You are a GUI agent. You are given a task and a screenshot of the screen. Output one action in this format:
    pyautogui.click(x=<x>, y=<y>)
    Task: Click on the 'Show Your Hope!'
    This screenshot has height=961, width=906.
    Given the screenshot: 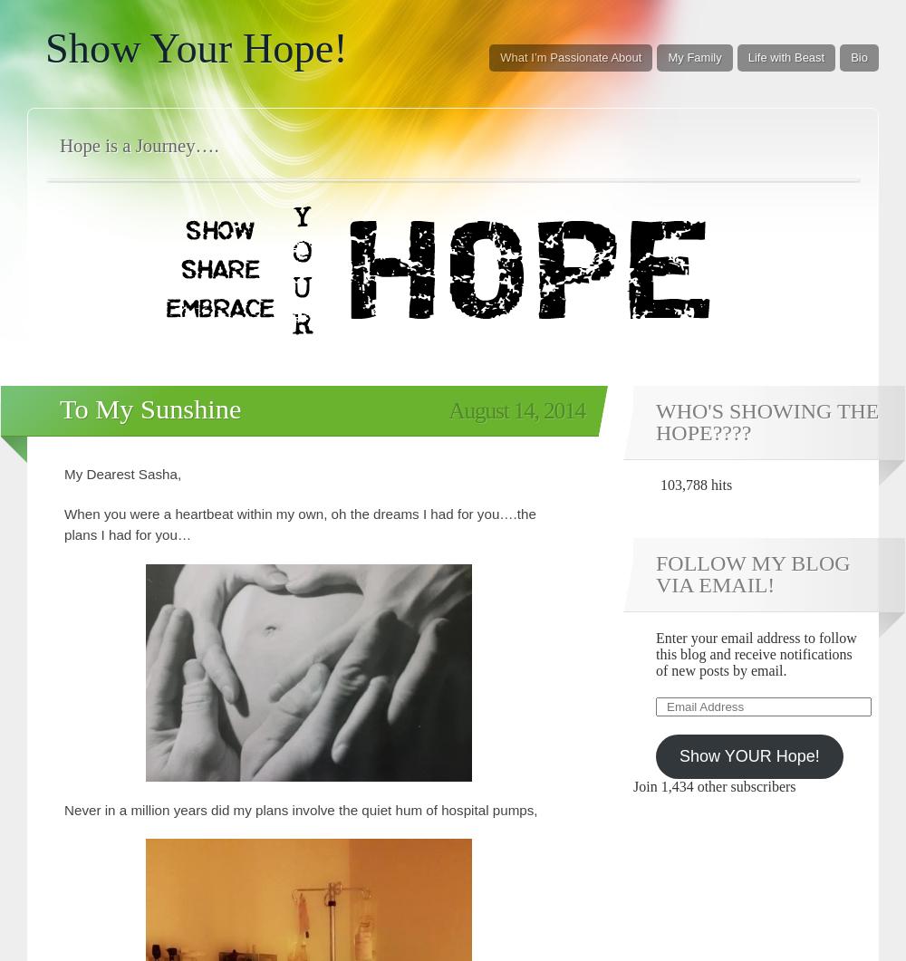 What is the action you would take?
    pyautogui.click(x=195, y=48)
    